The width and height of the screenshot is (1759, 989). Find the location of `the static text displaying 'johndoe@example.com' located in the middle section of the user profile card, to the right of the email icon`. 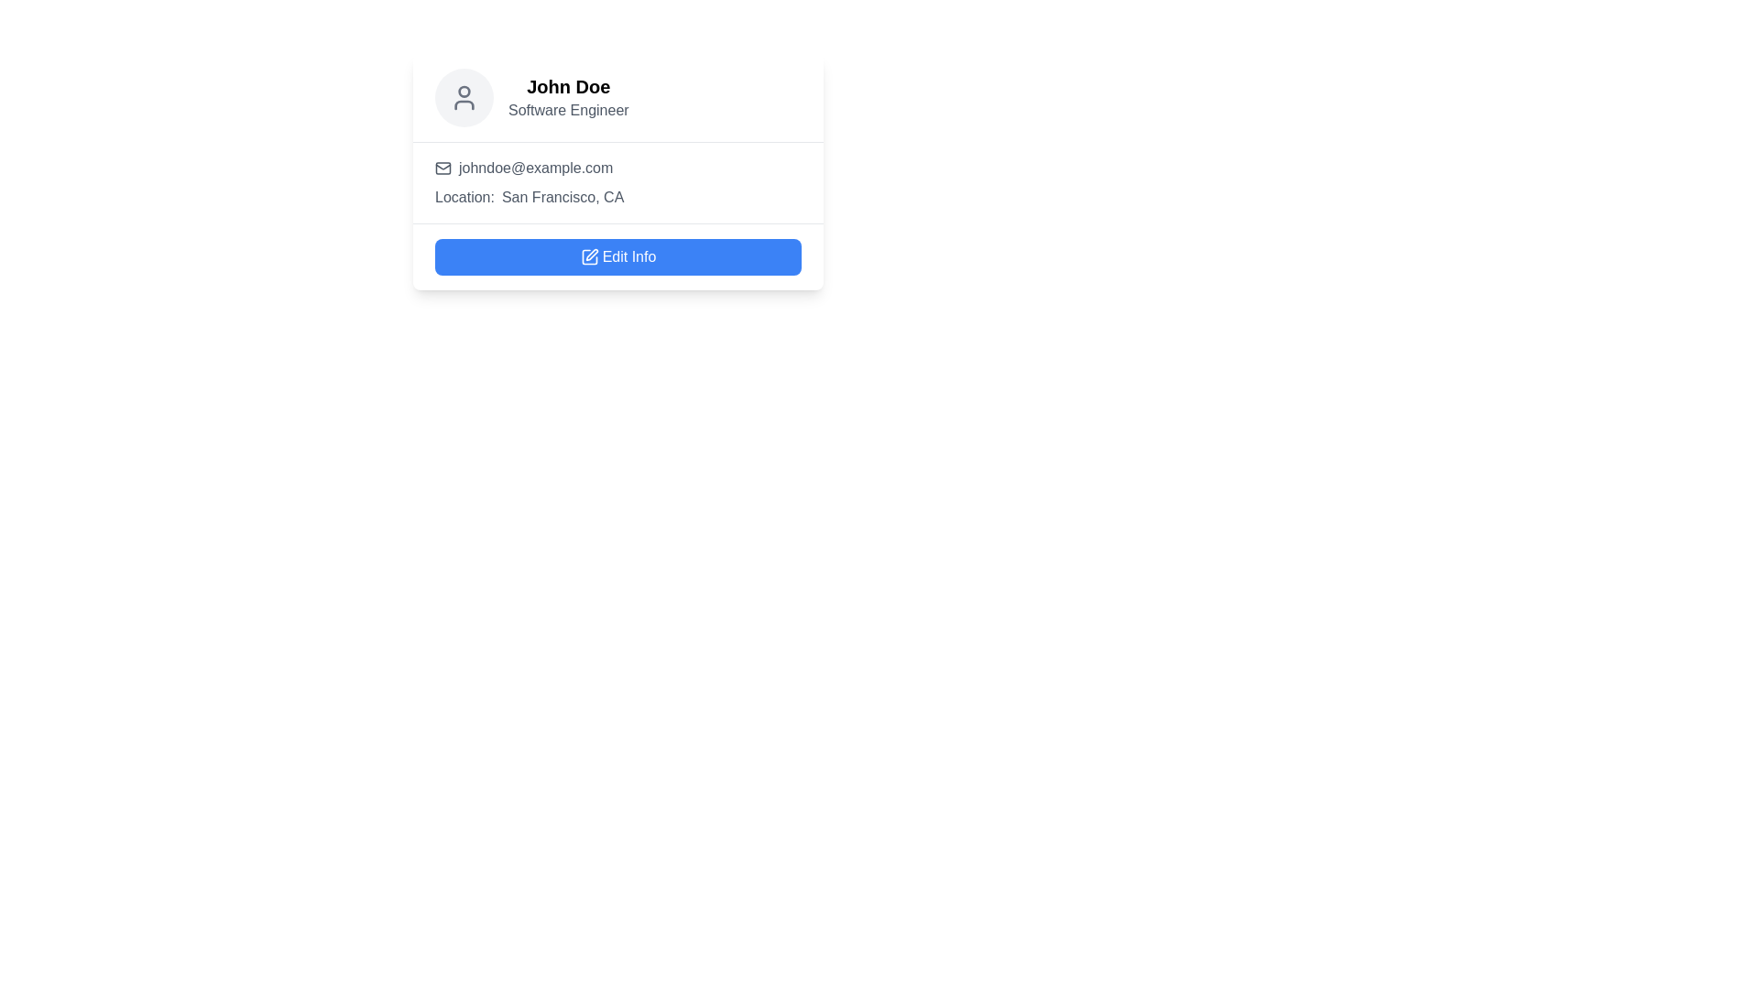

the static text displaying 'johndoe@example.com' located in the middle section of the user profile card, to the right of the email icon is located at coordinates (535, 168).